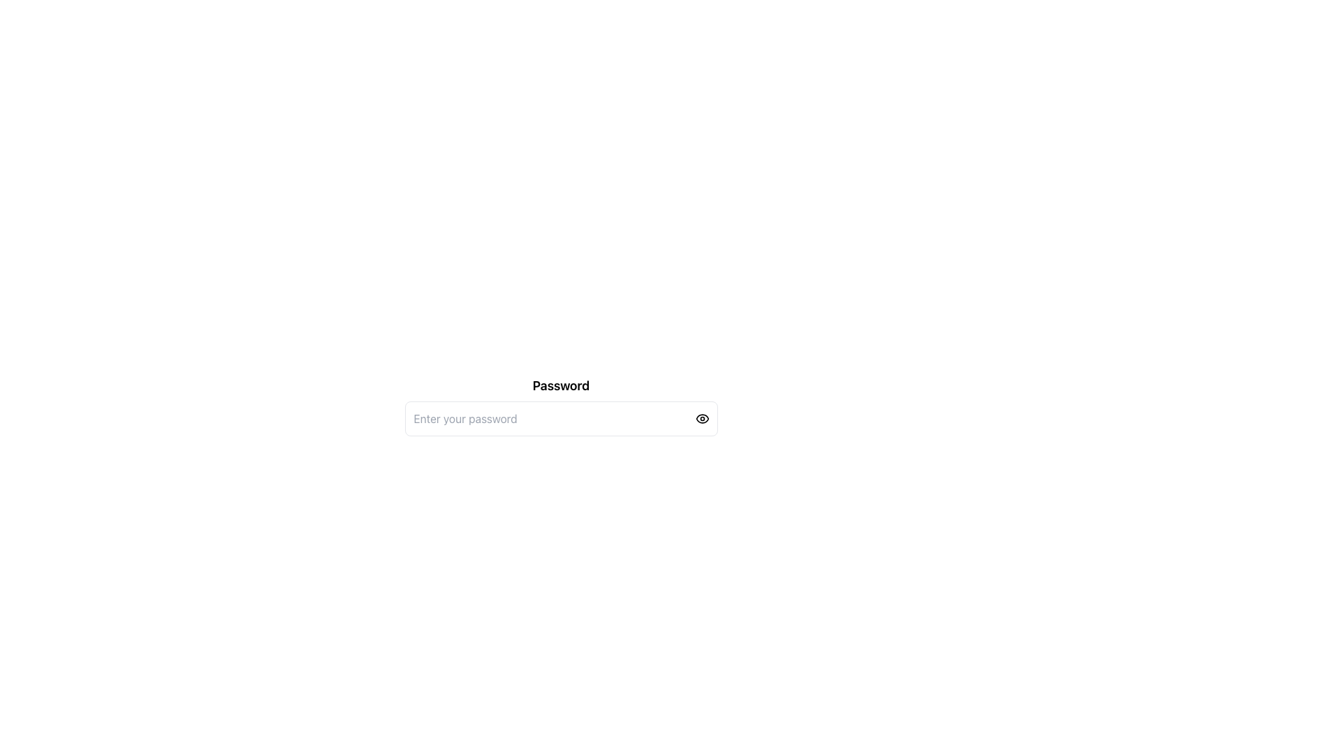 The width and height of the screenshot is (1341, 754). I want to click on the eye-shaped icon outlined in black, located on the right side of the password input field, so click(702, 418).